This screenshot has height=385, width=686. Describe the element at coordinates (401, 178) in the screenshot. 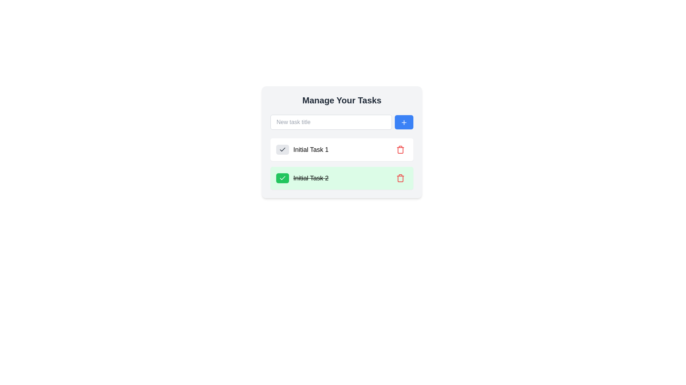

I see `the delete icon located to the right of 'Initial Task 2' in the task list interface` at that location.